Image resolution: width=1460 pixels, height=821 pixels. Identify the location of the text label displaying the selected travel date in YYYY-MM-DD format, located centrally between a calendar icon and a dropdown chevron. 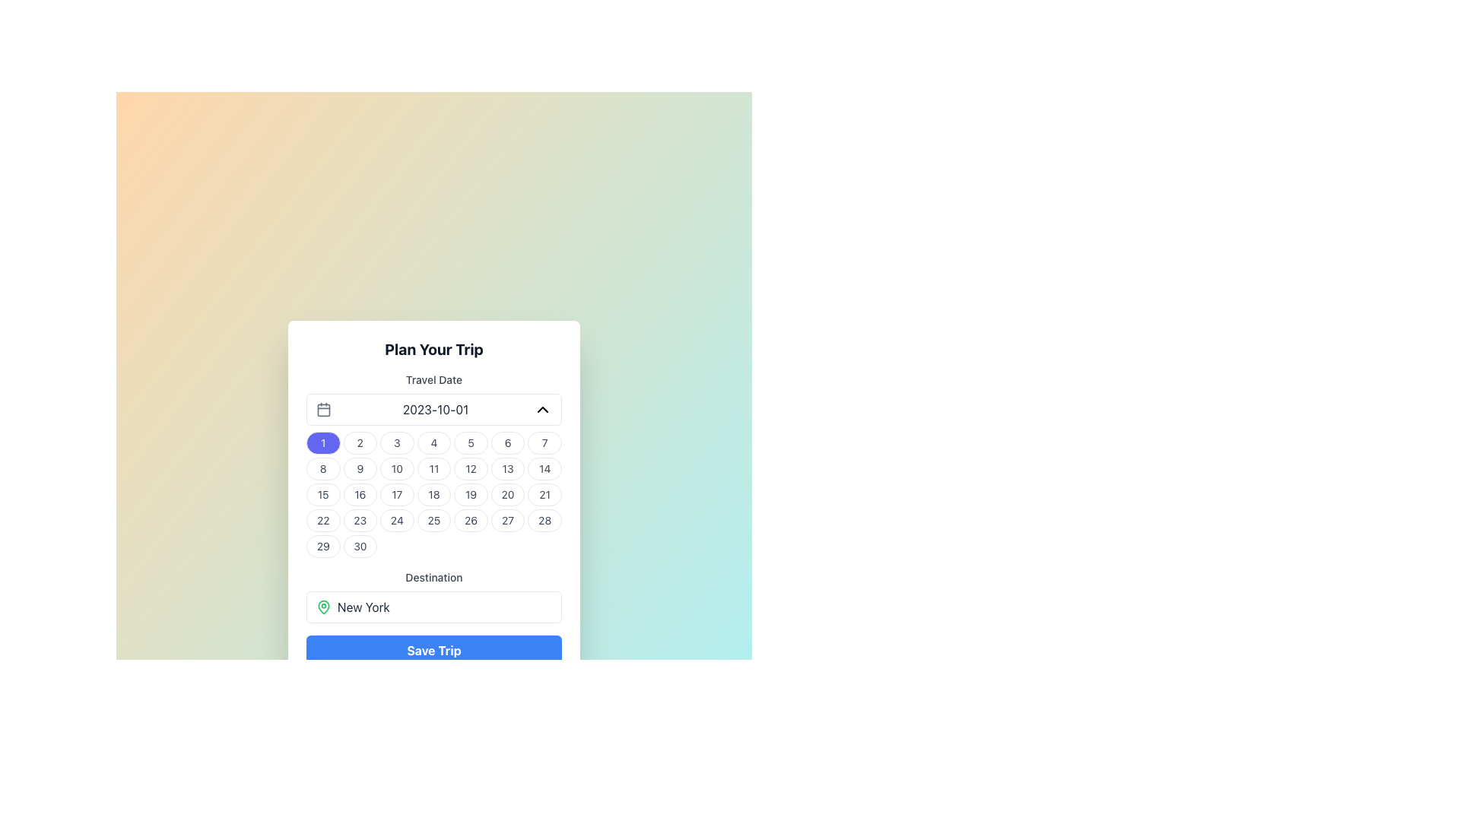
(434, 409).